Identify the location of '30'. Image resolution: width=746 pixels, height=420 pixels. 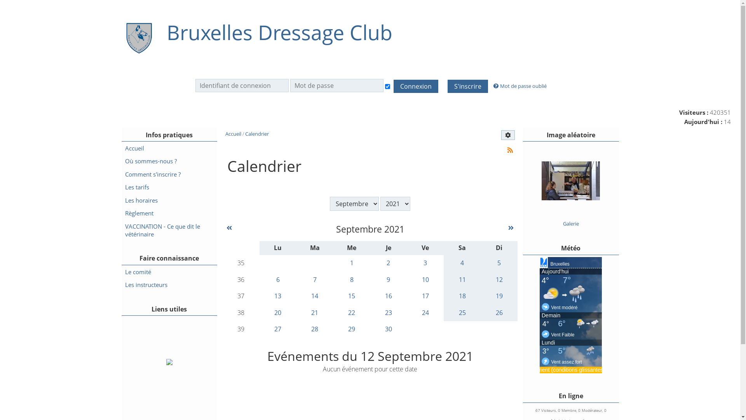
(388, 329).